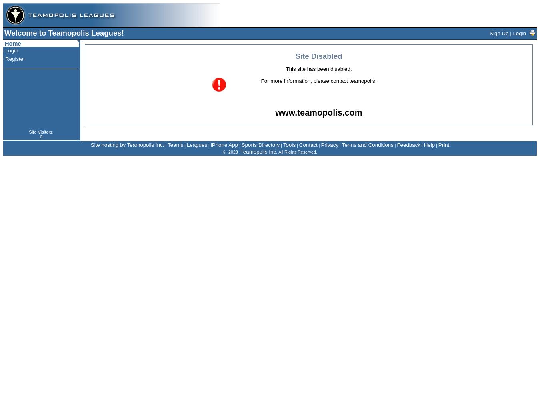 The image size is (540, 400). What do you see at coordinates (28, 132) in the screenshot?
I see `'Site Visitors:'` at bounding box center [28, 132].